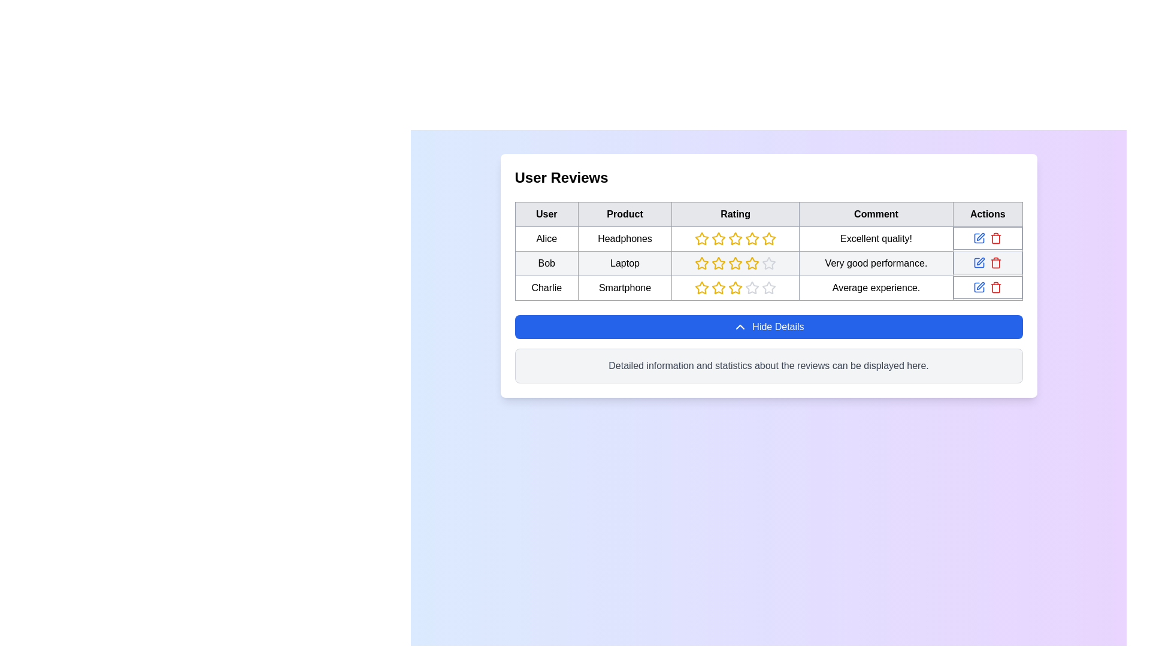  I want to click on the visual rating control element located in the second row of the 'Rating' column, adjacent to 'Bob' in the 'User' column and 'Very good performance.' in the 'Comment' column, so click(768, 262).